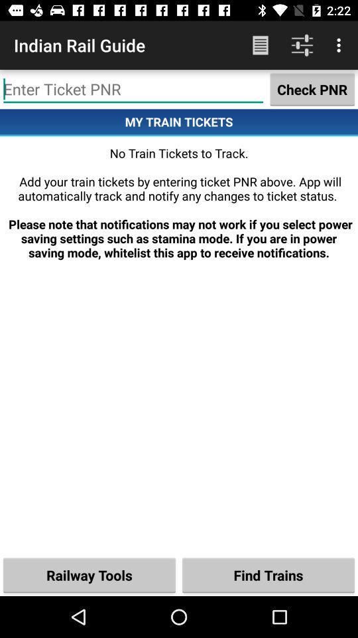 Image resolution: width=358 pixels, height=638 pixels. I want to click on icon above the check pnr, so click(340, 45).